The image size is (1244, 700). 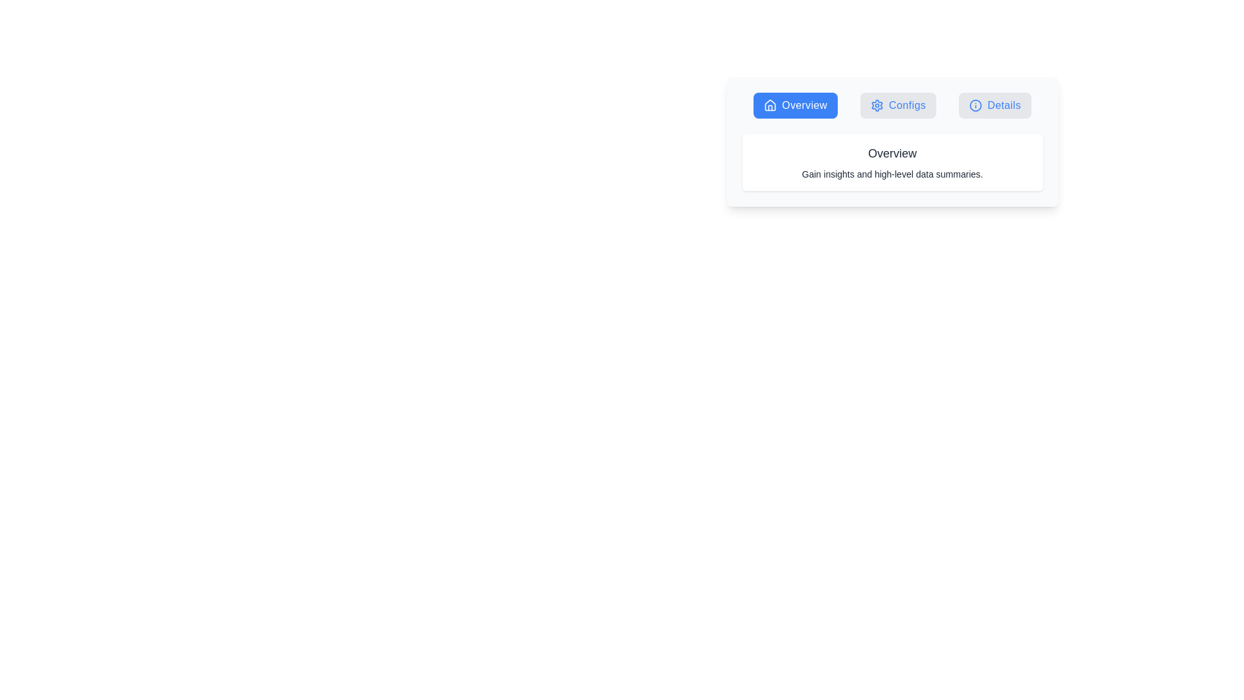 What do you see at coordinates (795, 104) in the screenshot?
I see `the tab labeled Overview` at bounding box center [795, 104].